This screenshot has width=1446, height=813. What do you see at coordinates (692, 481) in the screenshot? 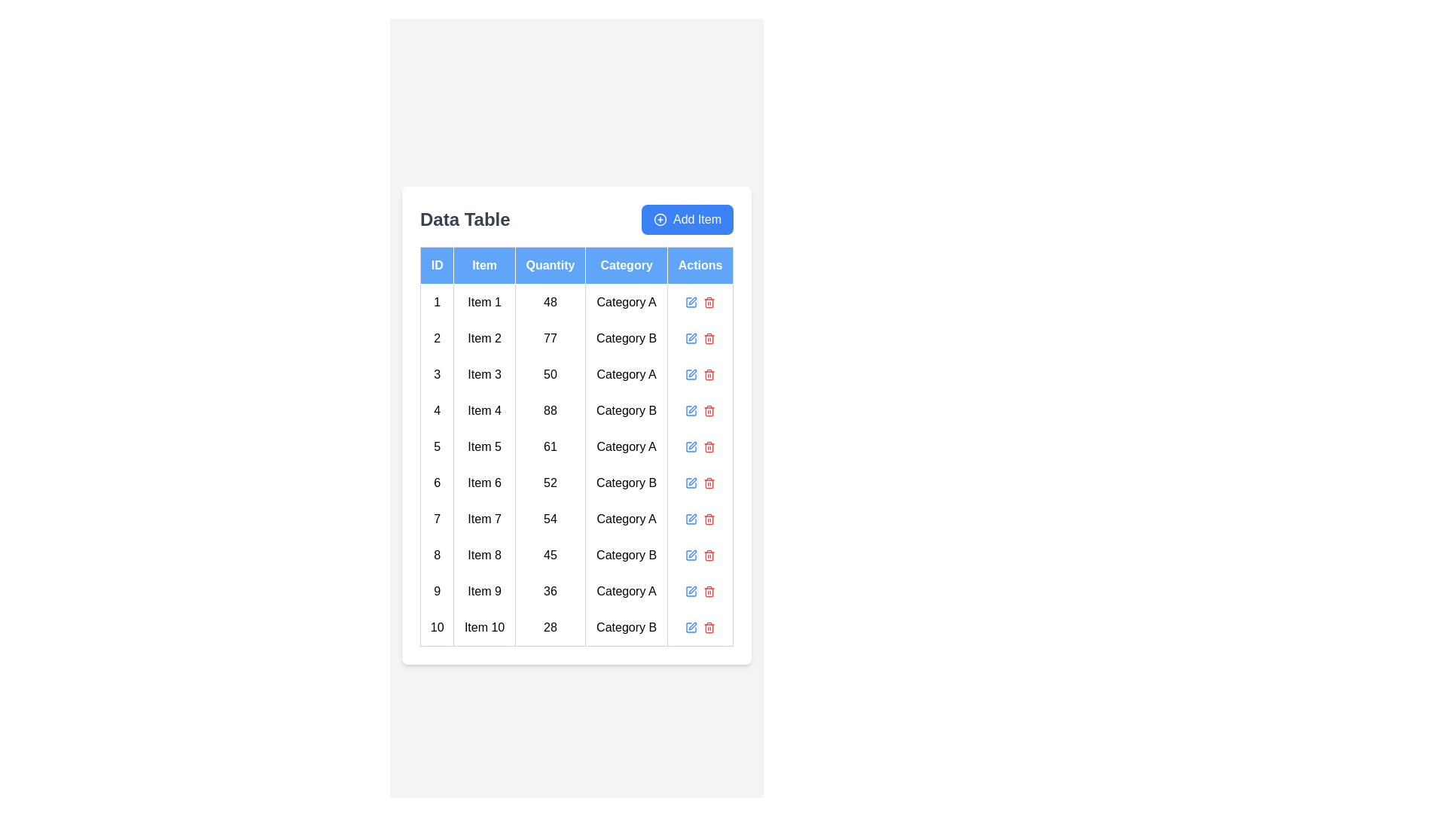
I see `the Edit Button icon, which is a stylized pen symbol located in the actions column of a data table` at bounding box center [692, 481].